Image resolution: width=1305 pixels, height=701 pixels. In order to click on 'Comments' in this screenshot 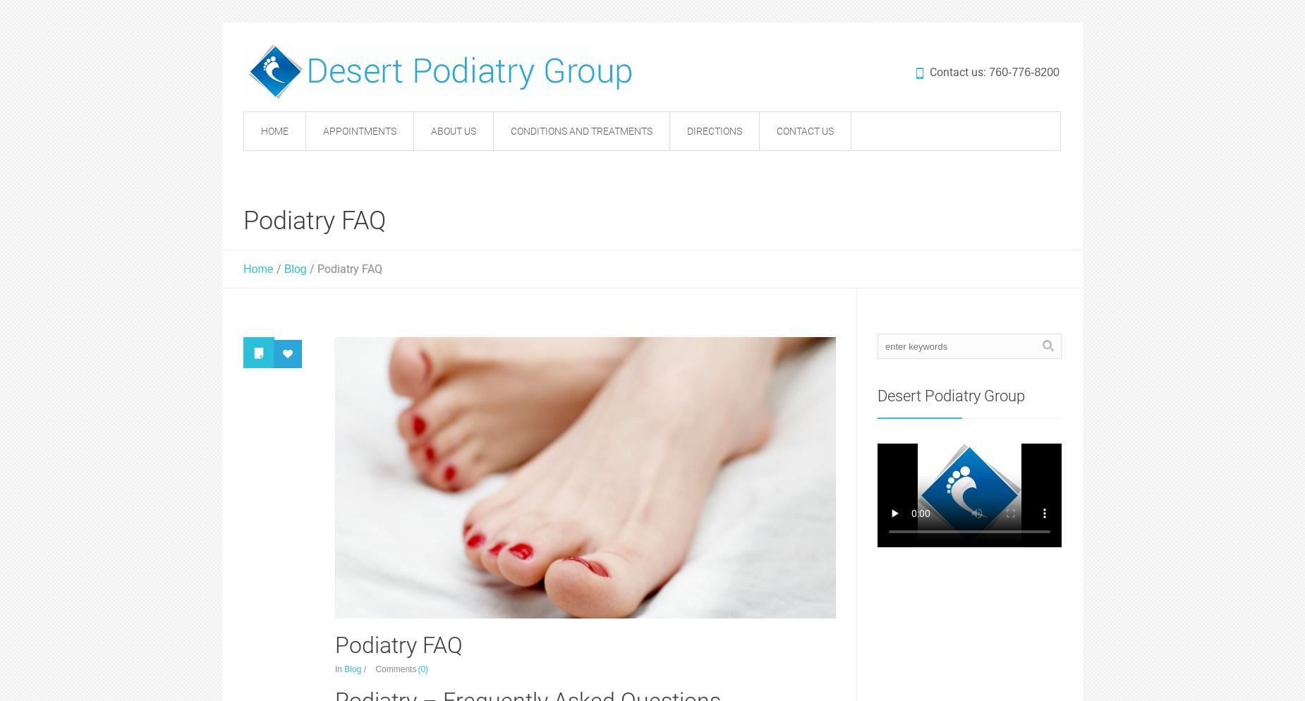, I will do `click(395, 669)`.